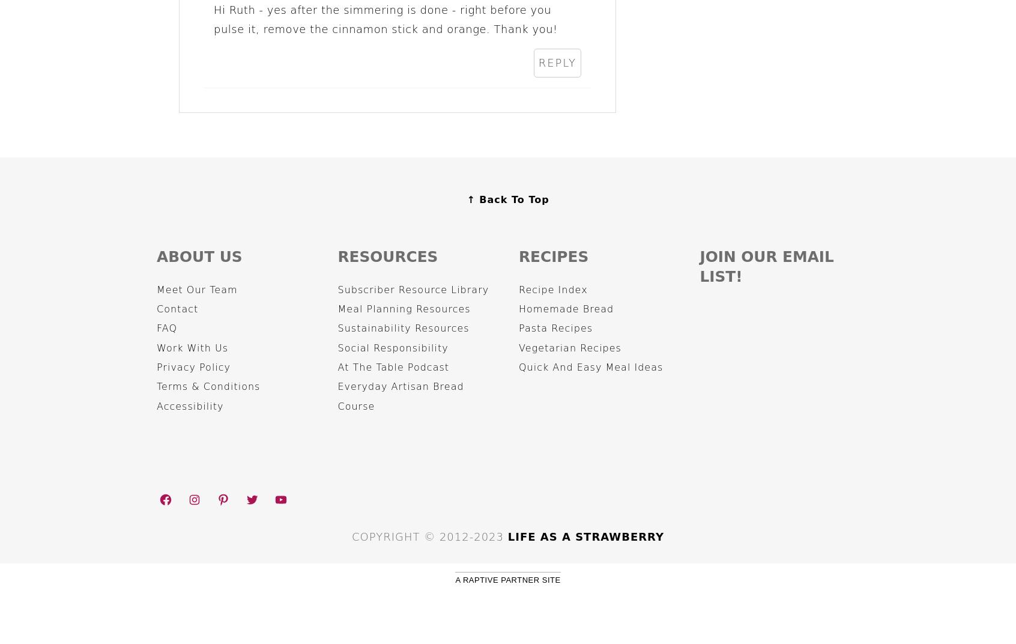  Describe the element at coordinates (166, 327) in the screenshot. I see `'FAQ'` at that location.